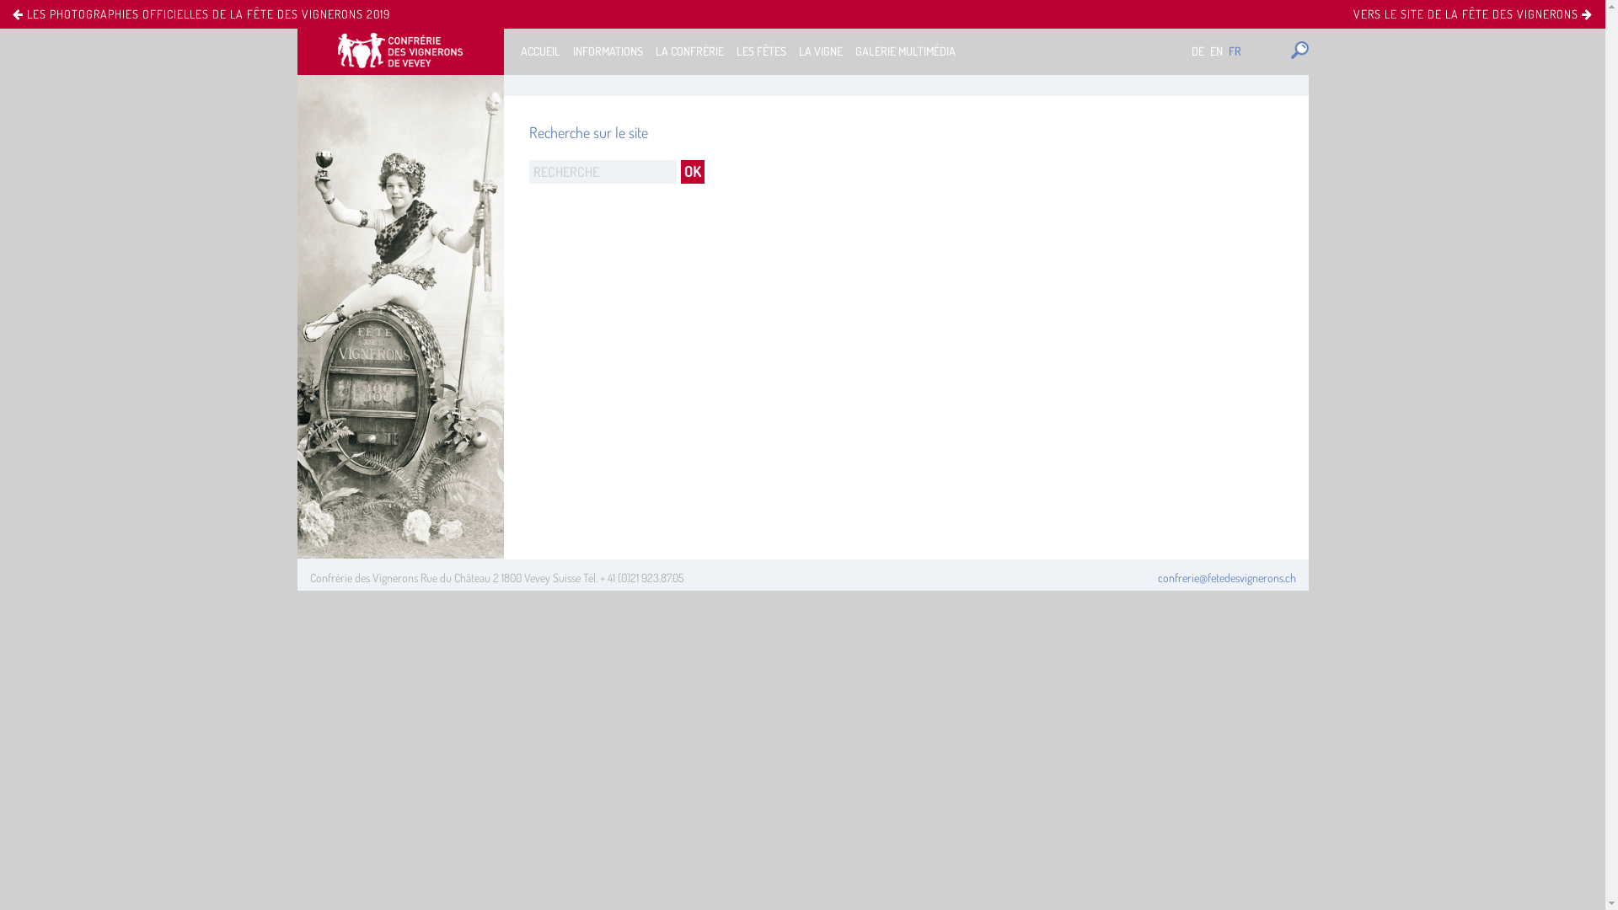  What do you see at coordinates (1226, 576) in the screenshot?
I see `'confrerie@fetedesvignerons.ch'` at bounding box center [1226, 576].